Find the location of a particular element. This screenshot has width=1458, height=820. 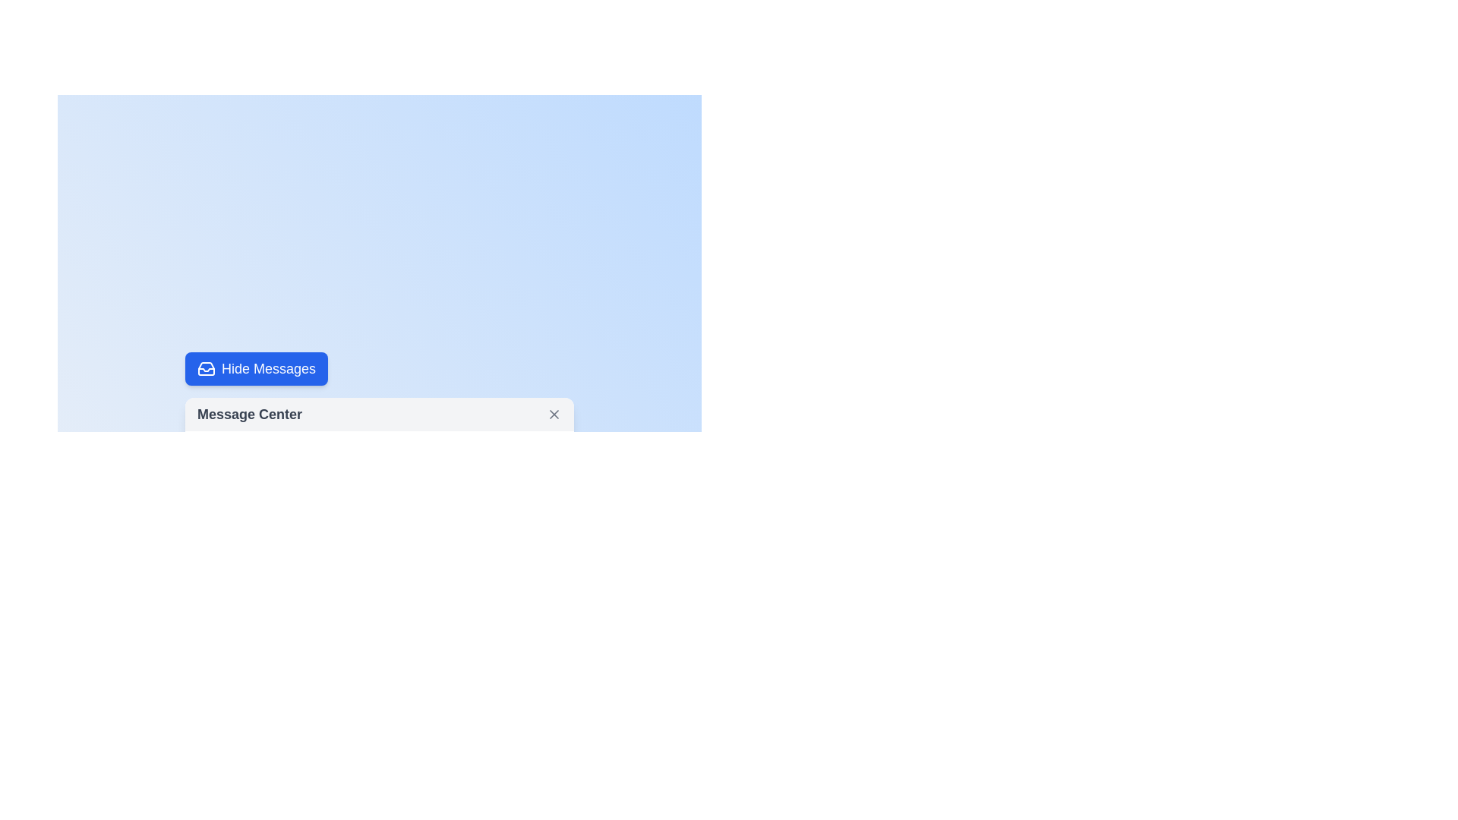

the 'Message Center' text label, which is a primary heading in a large bold gray font located within a light gray rounded bar on the left side is located at coordinates (250, 415).